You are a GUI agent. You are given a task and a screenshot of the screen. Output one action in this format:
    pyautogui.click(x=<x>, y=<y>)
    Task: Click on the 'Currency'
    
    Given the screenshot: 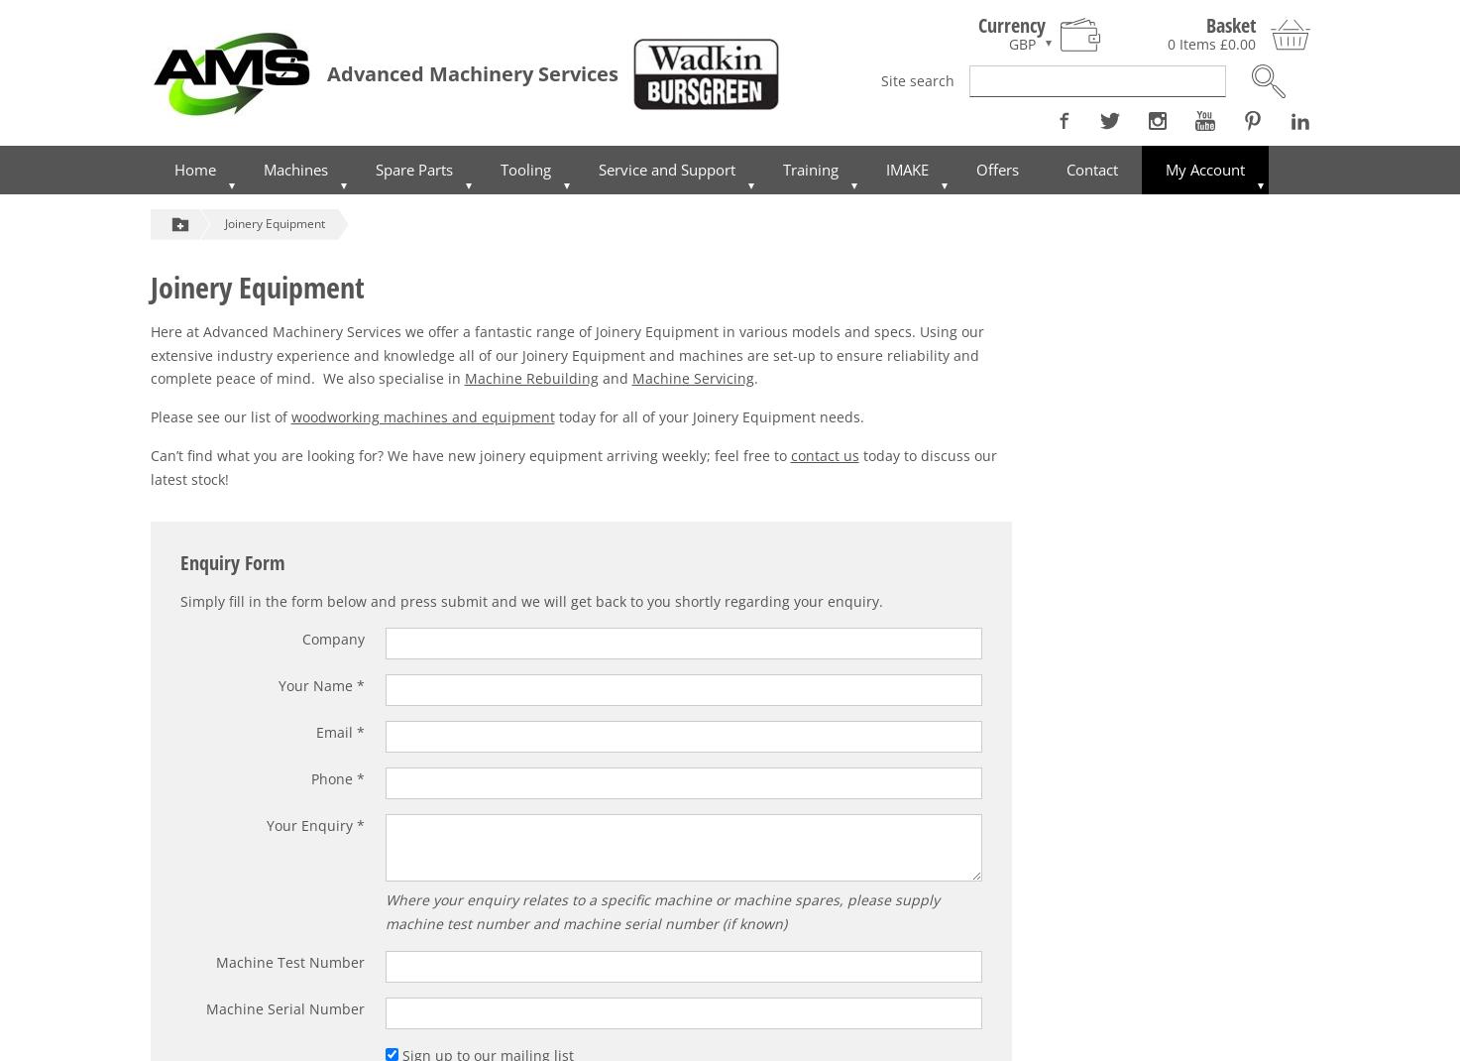 What is the action you would take?
    pyautogui.click(x=1010, y=24)
    